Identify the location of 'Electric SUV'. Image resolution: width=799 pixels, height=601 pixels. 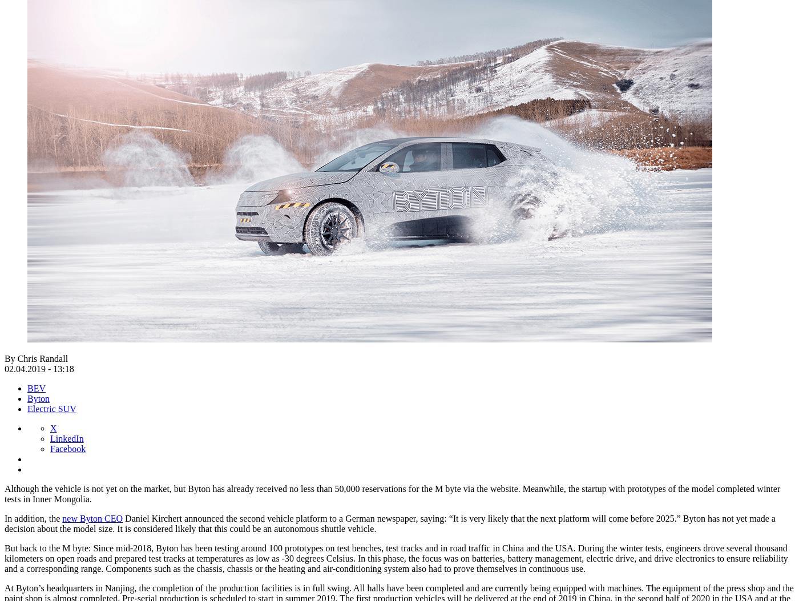
(51, 408).